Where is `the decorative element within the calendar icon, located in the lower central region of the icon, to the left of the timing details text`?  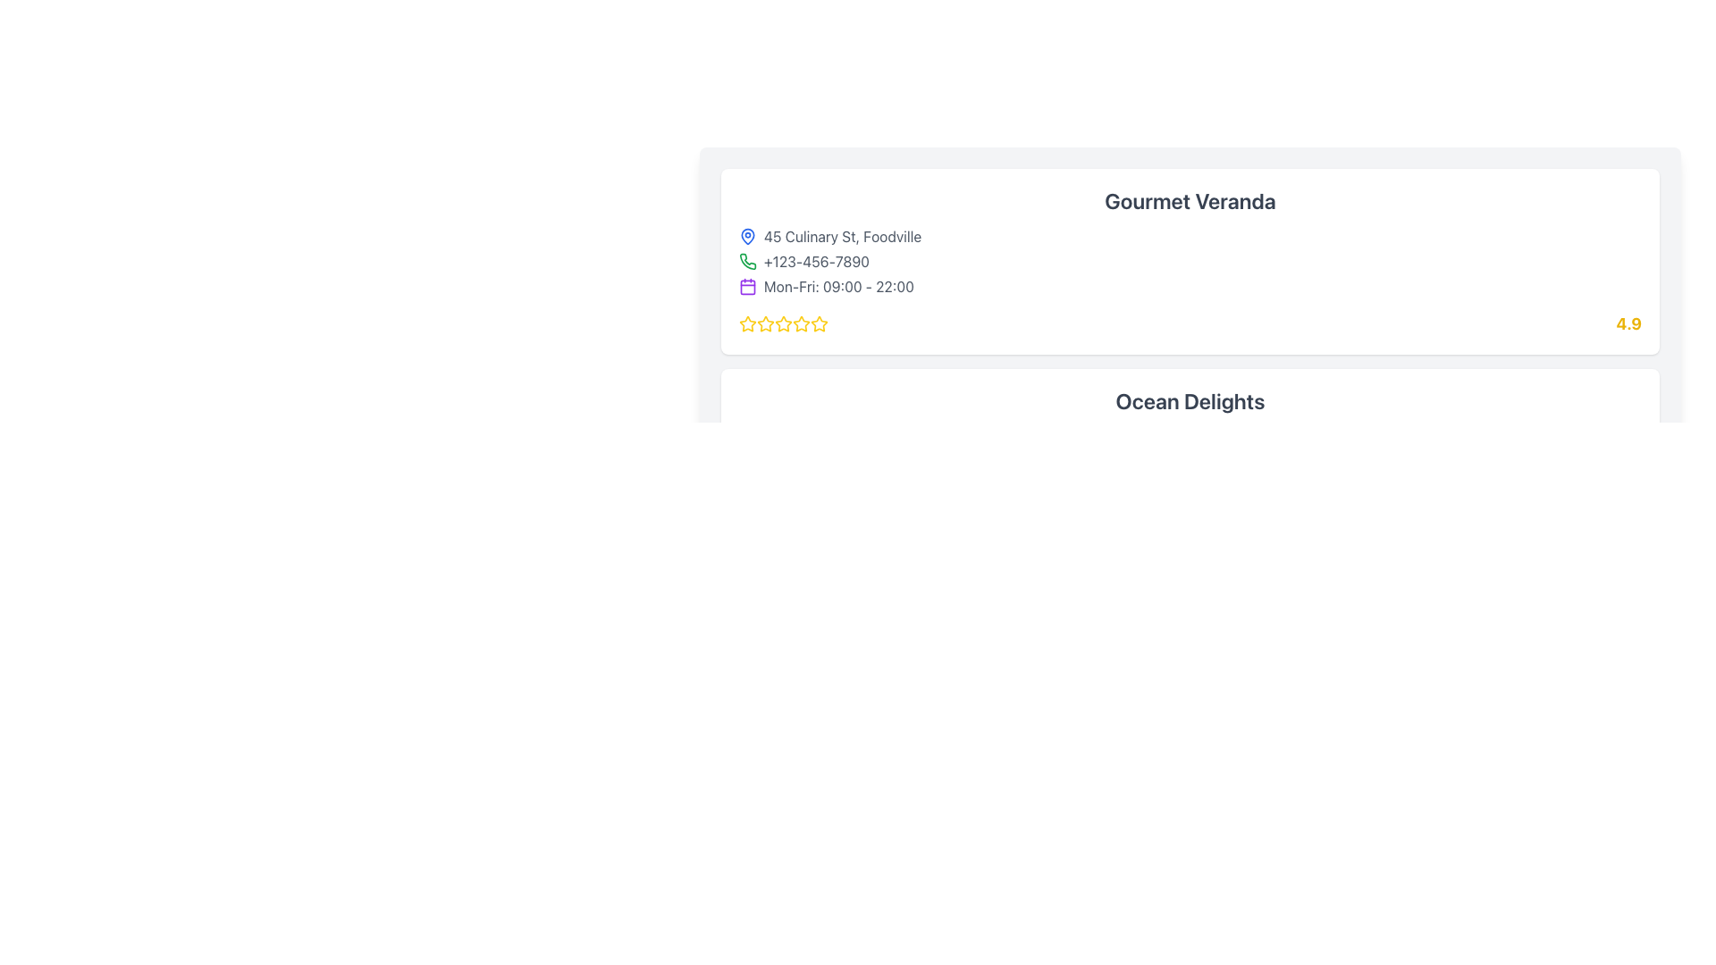
the decorative element within the calendar icon, located in the lower central region of the icon, to the left of the timing details text is located at coordinates (747, 285).